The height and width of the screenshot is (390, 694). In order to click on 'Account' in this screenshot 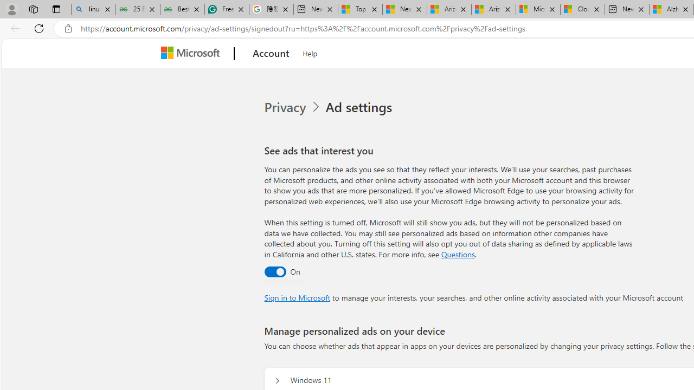, I will do `click(271, 54)`.